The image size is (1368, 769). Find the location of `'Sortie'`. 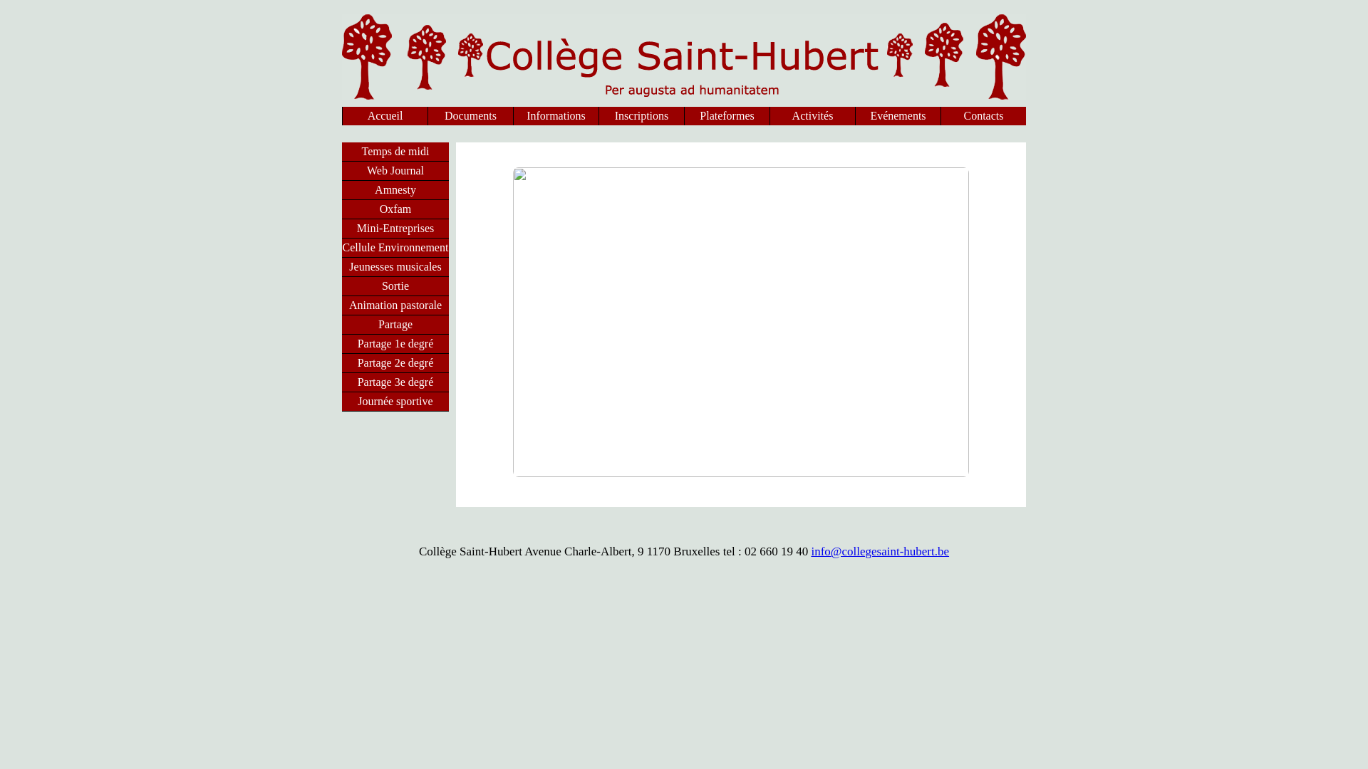

'Sortie' is located at coordinates (395, 286).